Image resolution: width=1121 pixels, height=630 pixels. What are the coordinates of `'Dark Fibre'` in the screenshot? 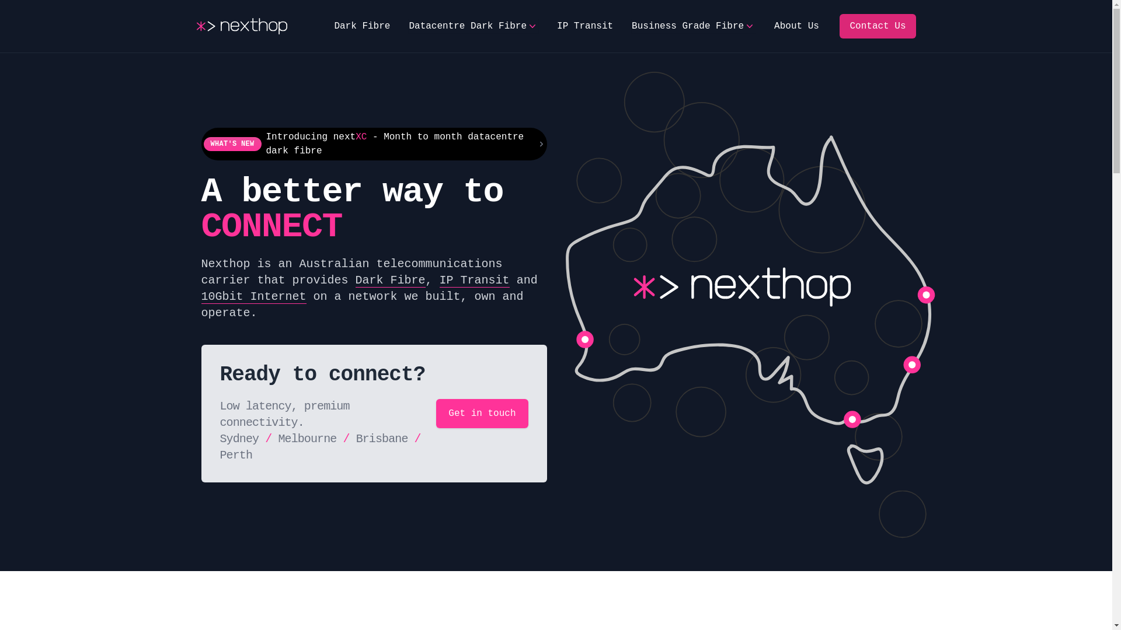 It's located at (361, 26).